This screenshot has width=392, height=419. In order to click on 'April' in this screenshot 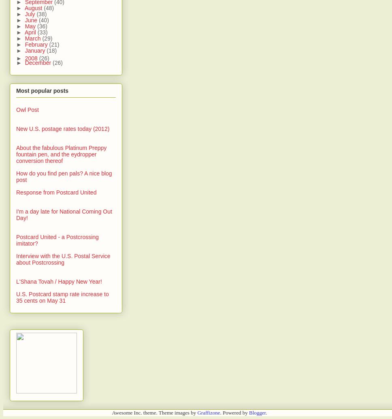, I will do `click(30, 32)`.